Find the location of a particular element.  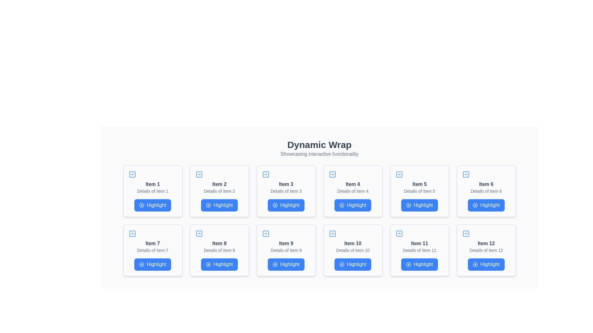

the icon or visual indicator located at the top-left corner of the 'Item 3' card in the first row and third column of the grid layout is located at coordinates (266, 175).